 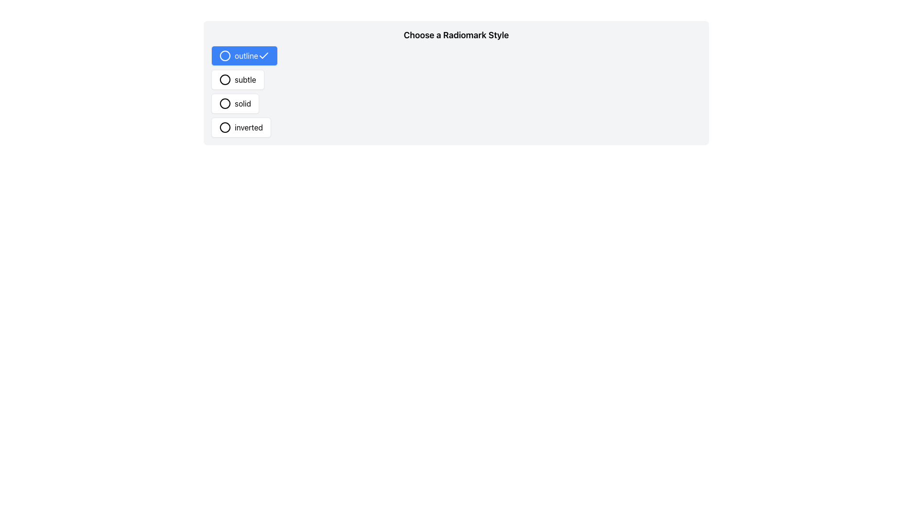 I want to click on the circular outline icon located at the leftmost side of the 'outline' button, so click(x=224, y=55).